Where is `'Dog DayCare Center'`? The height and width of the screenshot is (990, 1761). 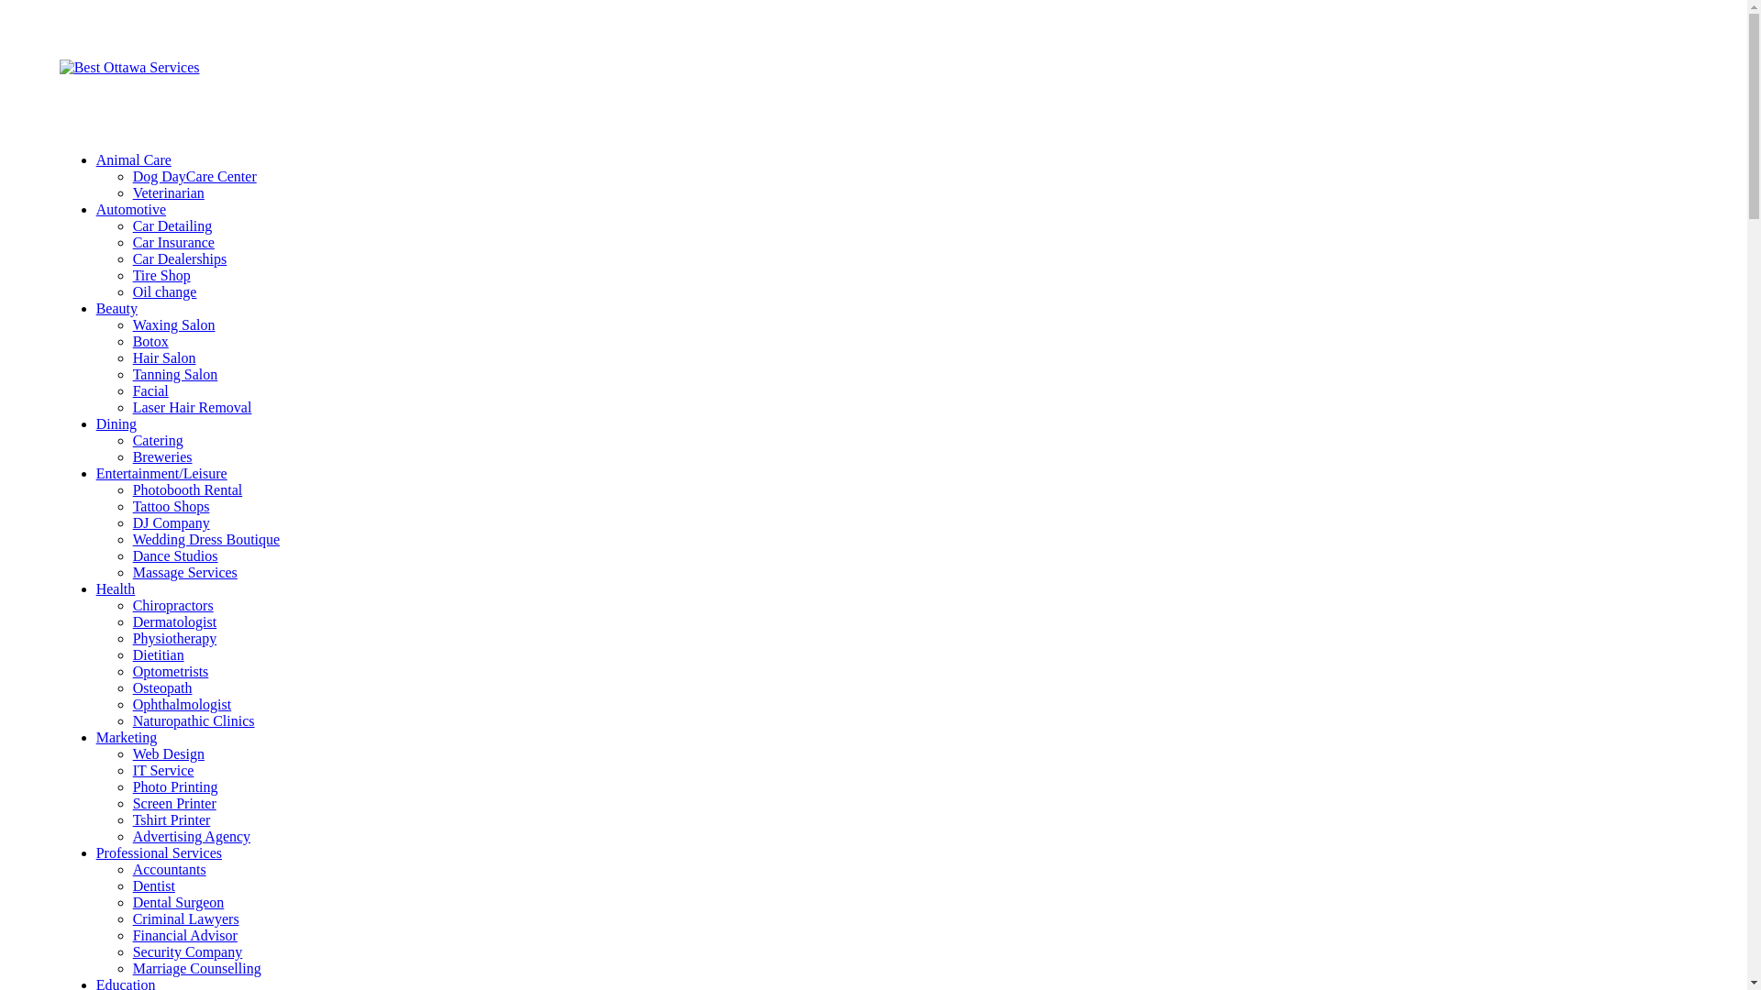
'Dog DayCare Center' is located at coordinates (194, 176).